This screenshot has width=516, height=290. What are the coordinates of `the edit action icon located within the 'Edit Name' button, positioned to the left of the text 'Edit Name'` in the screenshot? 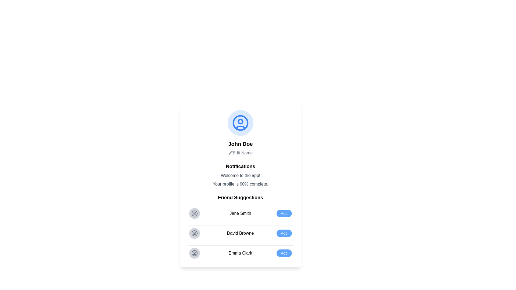 It's located at (230, 153).